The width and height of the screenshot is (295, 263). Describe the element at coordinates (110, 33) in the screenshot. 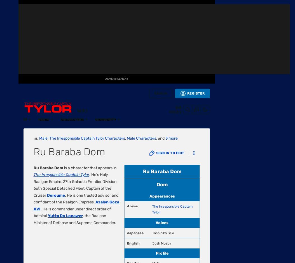

I see `'CC-BY-SA'` at that location.